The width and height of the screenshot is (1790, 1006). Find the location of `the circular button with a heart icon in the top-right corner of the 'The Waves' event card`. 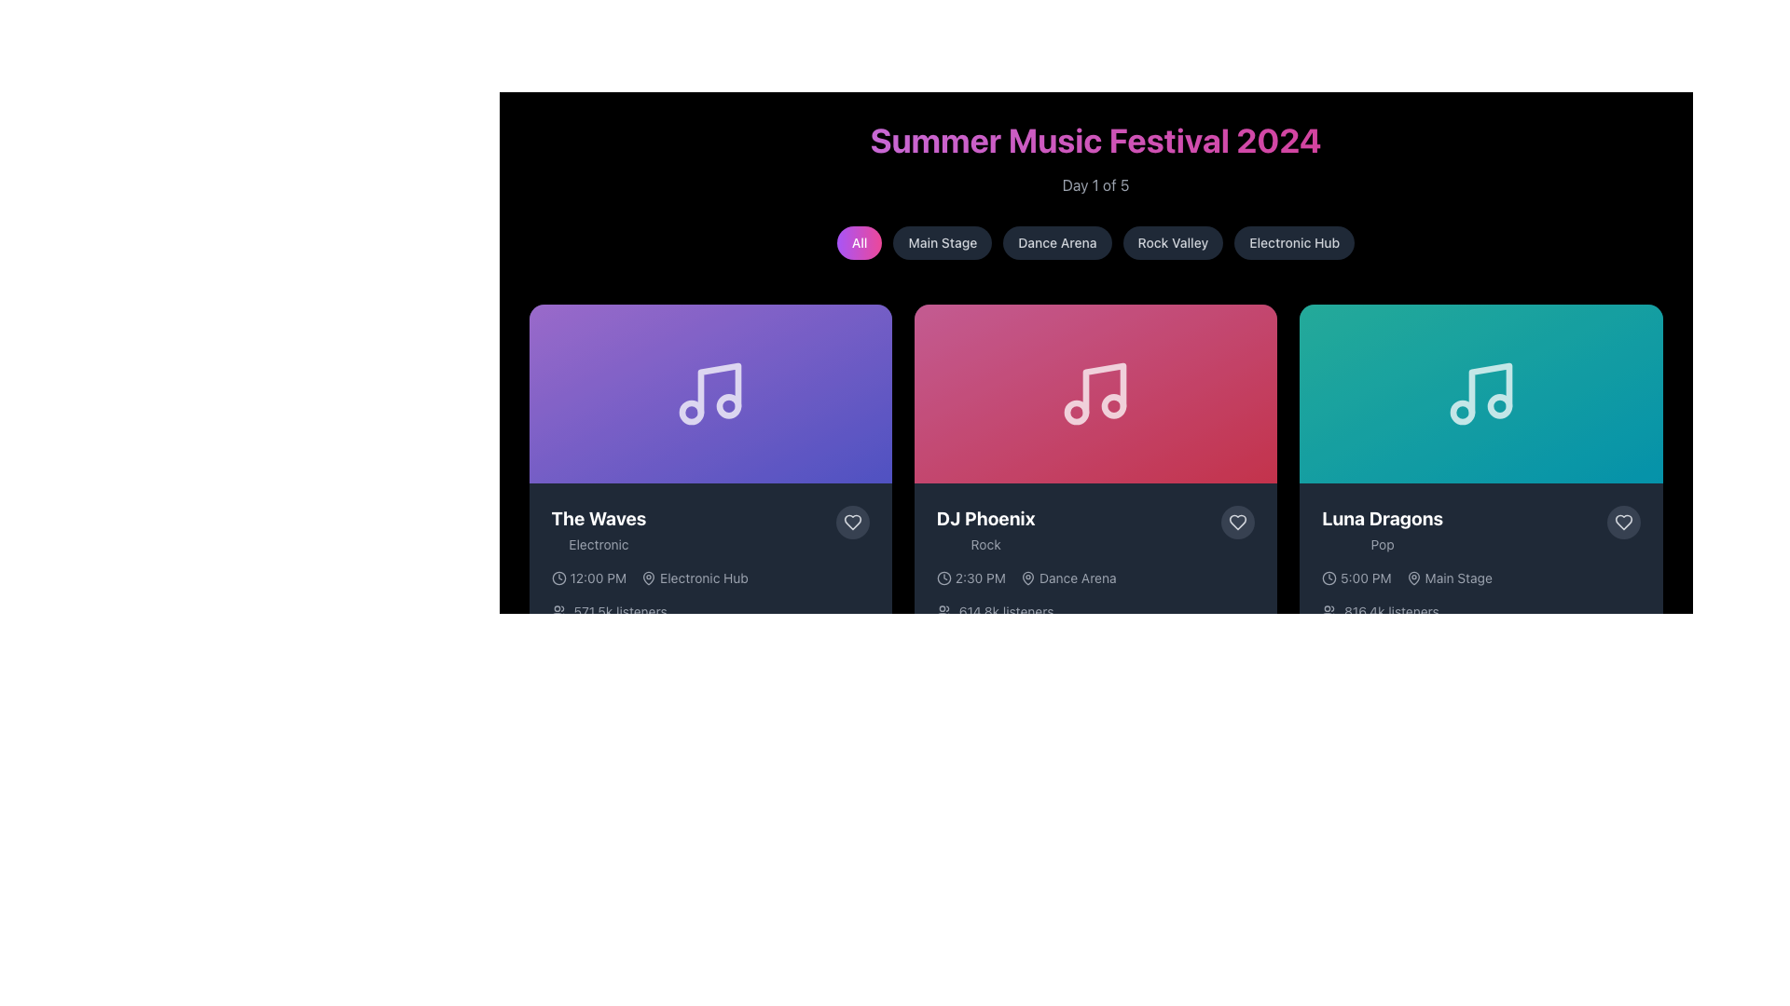

the circular button with a heart icon in the top-right corner of the 'The Waves' event card is located at coordinates (851, 522).